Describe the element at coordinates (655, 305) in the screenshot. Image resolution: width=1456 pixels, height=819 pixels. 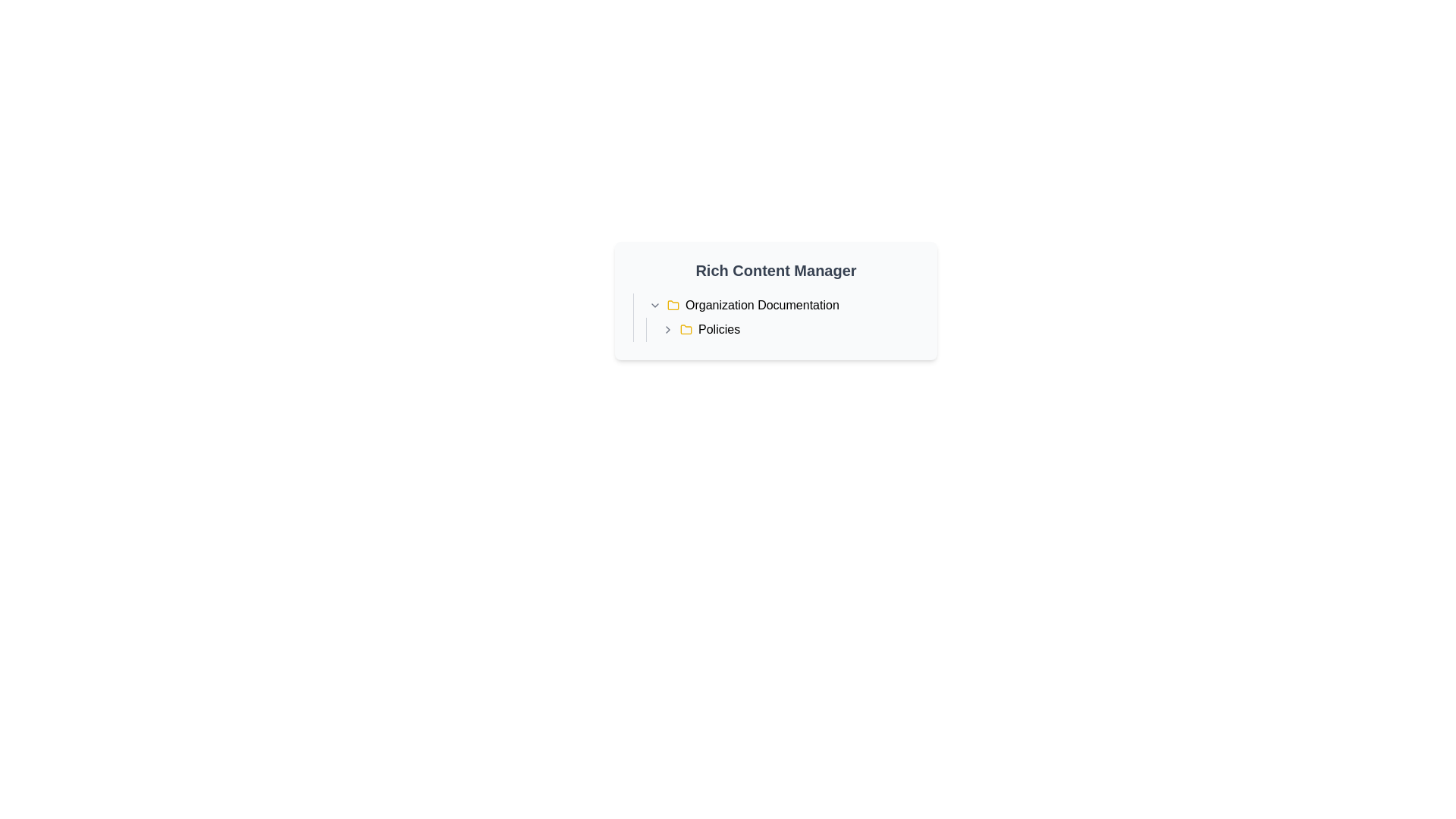
I see `the downward-facing chevron icon located at the end of the 'Organization Documentation' text section by moving the cursor to its center` at that location.